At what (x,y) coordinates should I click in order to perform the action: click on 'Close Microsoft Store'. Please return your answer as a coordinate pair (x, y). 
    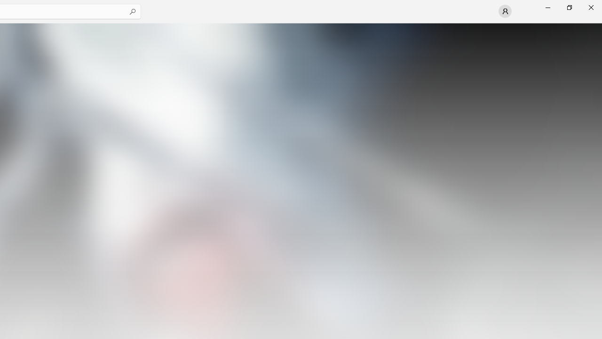
    Looking at the image, I should click on (590, 7).